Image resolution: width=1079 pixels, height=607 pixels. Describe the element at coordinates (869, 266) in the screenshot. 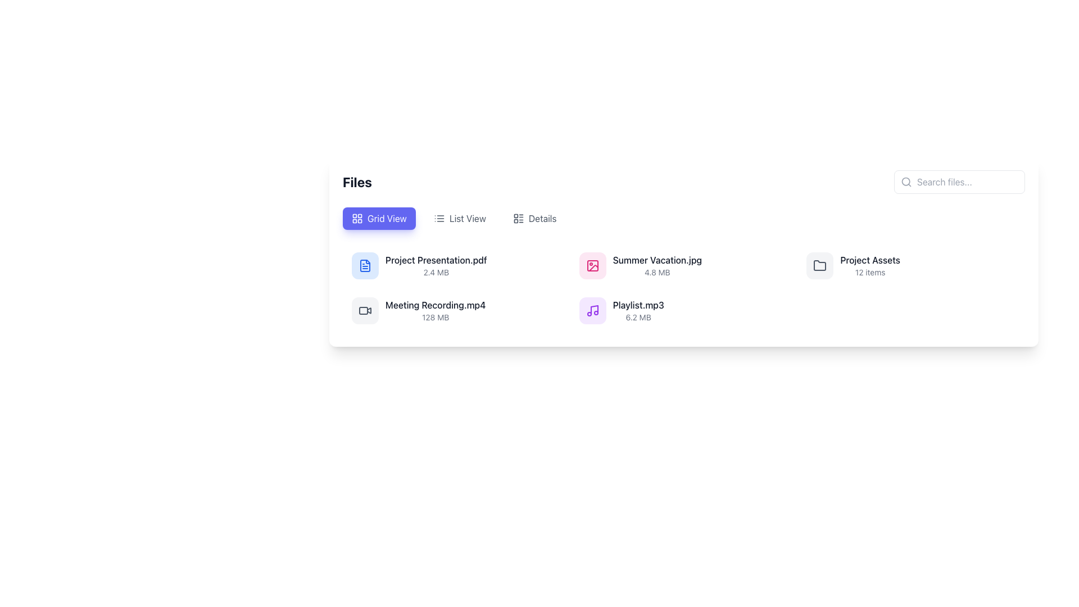

I see `the descriptive text element indicating the folder titled 'Project Assets' that contains '12 items', located in the bottom-right corner of the interface's grid view` at that location.